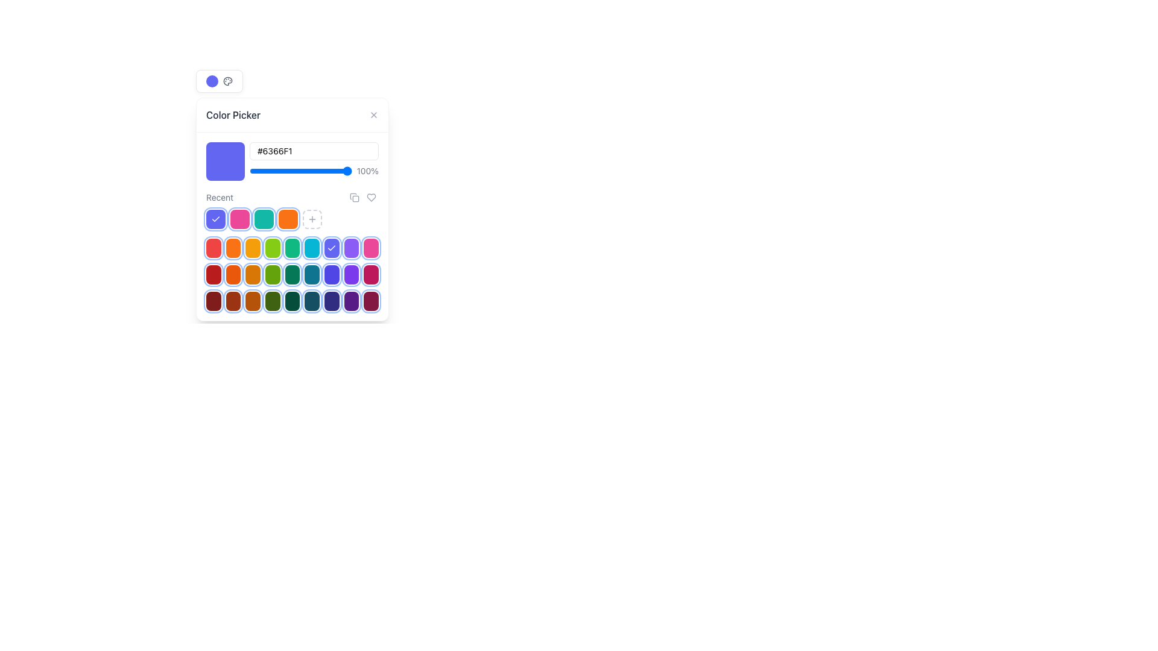  Describe the element at coordinates (290, 171) in the screenshot. I see `the slider` at that location.